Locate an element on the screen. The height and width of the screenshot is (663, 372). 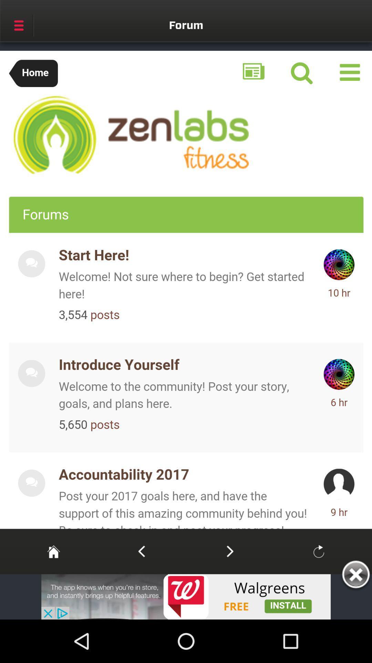
advertisement is located at coordinates (186, 596).